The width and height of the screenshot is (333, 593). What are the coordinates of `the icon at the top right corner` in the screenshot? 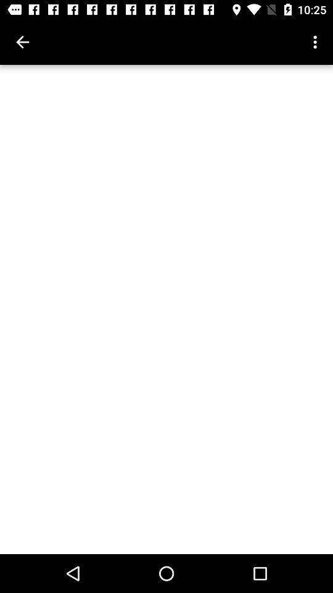 It's located at (316, 42).